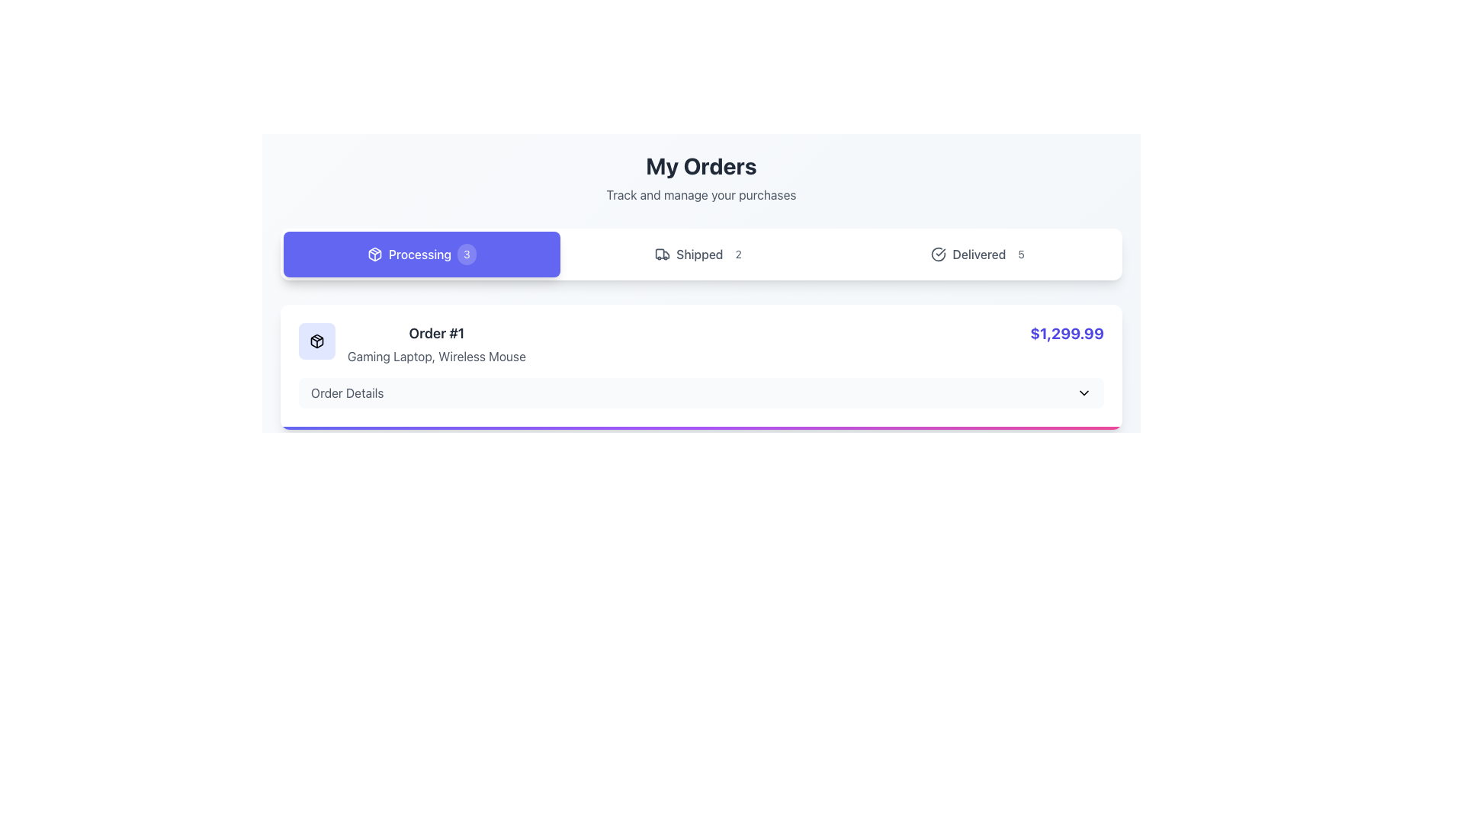 This screenshot has width=1464, height=823. What do you see at coordinates (701, 254) in the screenshot?
I see `the 'Shipped' tab, which is the second tab in a horizontal stack of three, located between 'Processing' and 'Delivered'` at bounding box center [701, 254].